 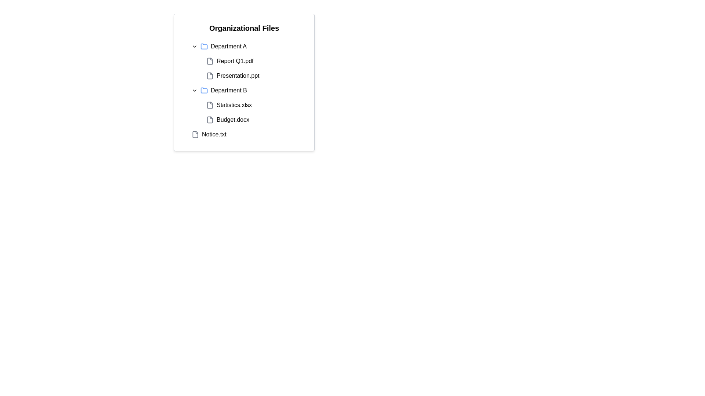 I want to click on the List item categorized under 'Department A' which is positioned under 'Organizational Files' in the hierarchical structure, so click(x=244, y=60).